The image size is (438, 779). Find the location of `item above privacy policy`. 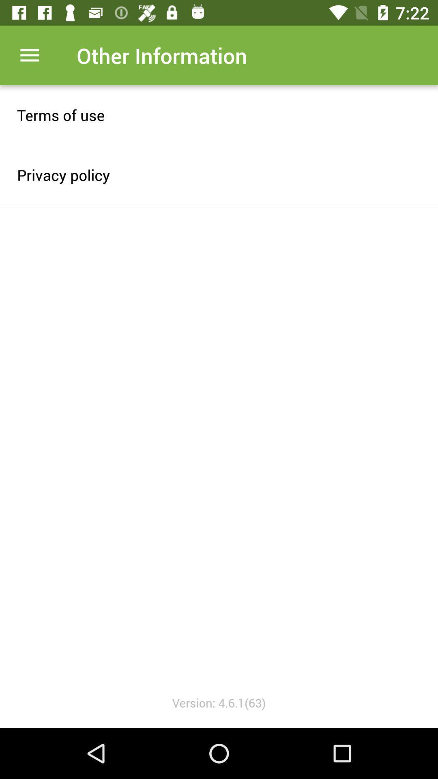

item above privacy policy is located at coordinates (219, 114).